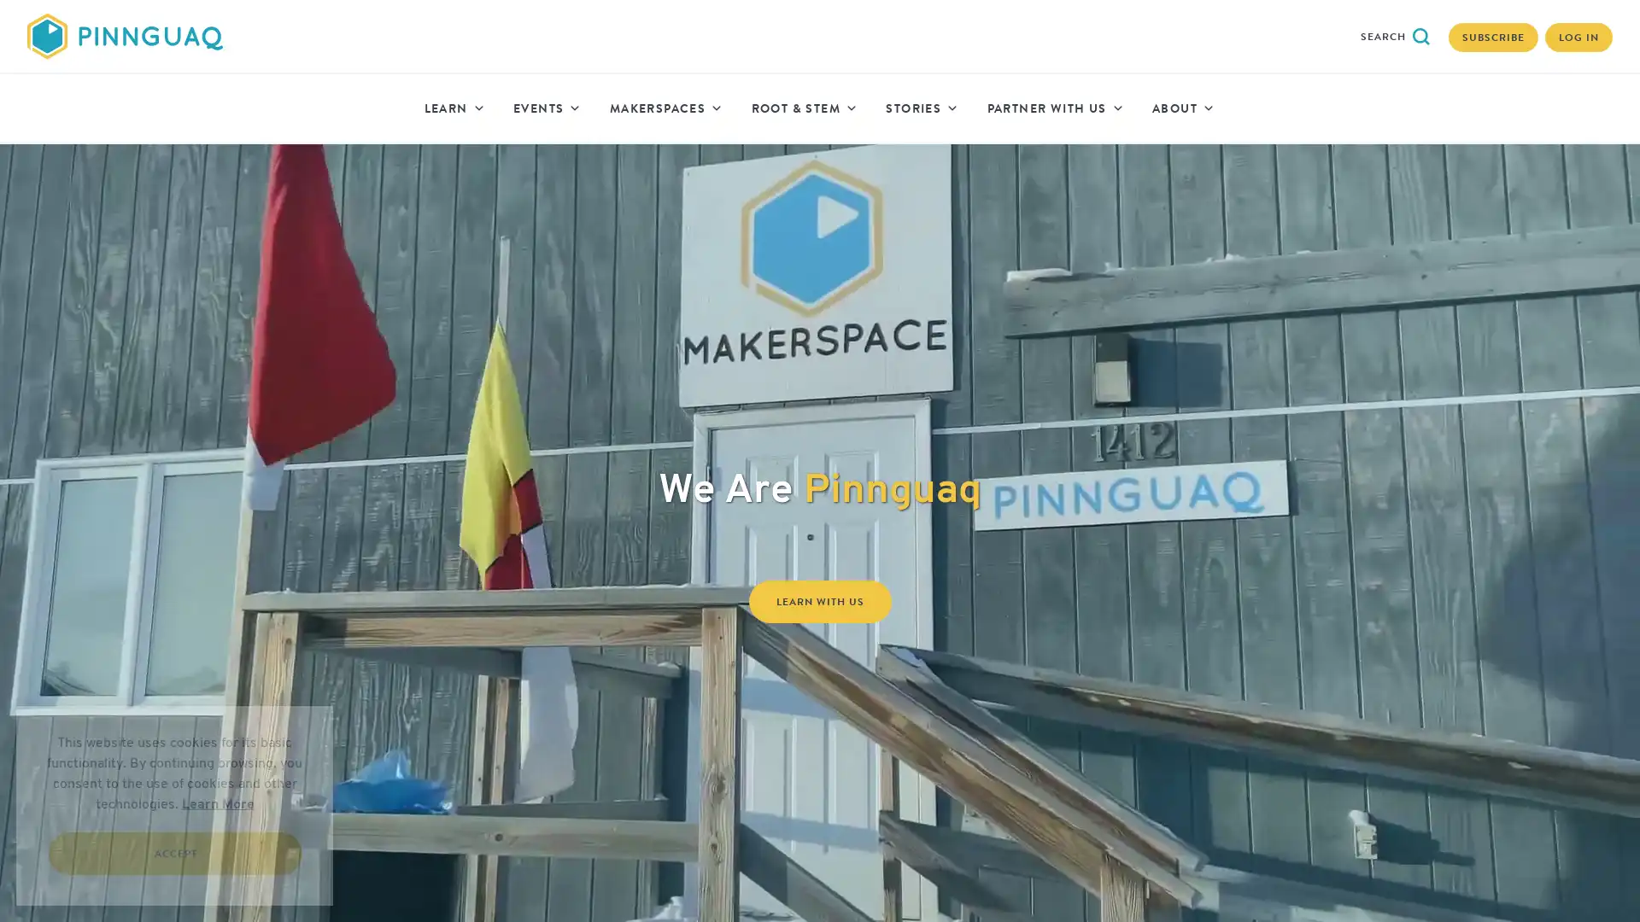 This screenshot has height=922, width=1640. What do you see at coordinates (1395, 36) in the screenshot?
I see `SEARCH` at bounding box center [1395, 36].